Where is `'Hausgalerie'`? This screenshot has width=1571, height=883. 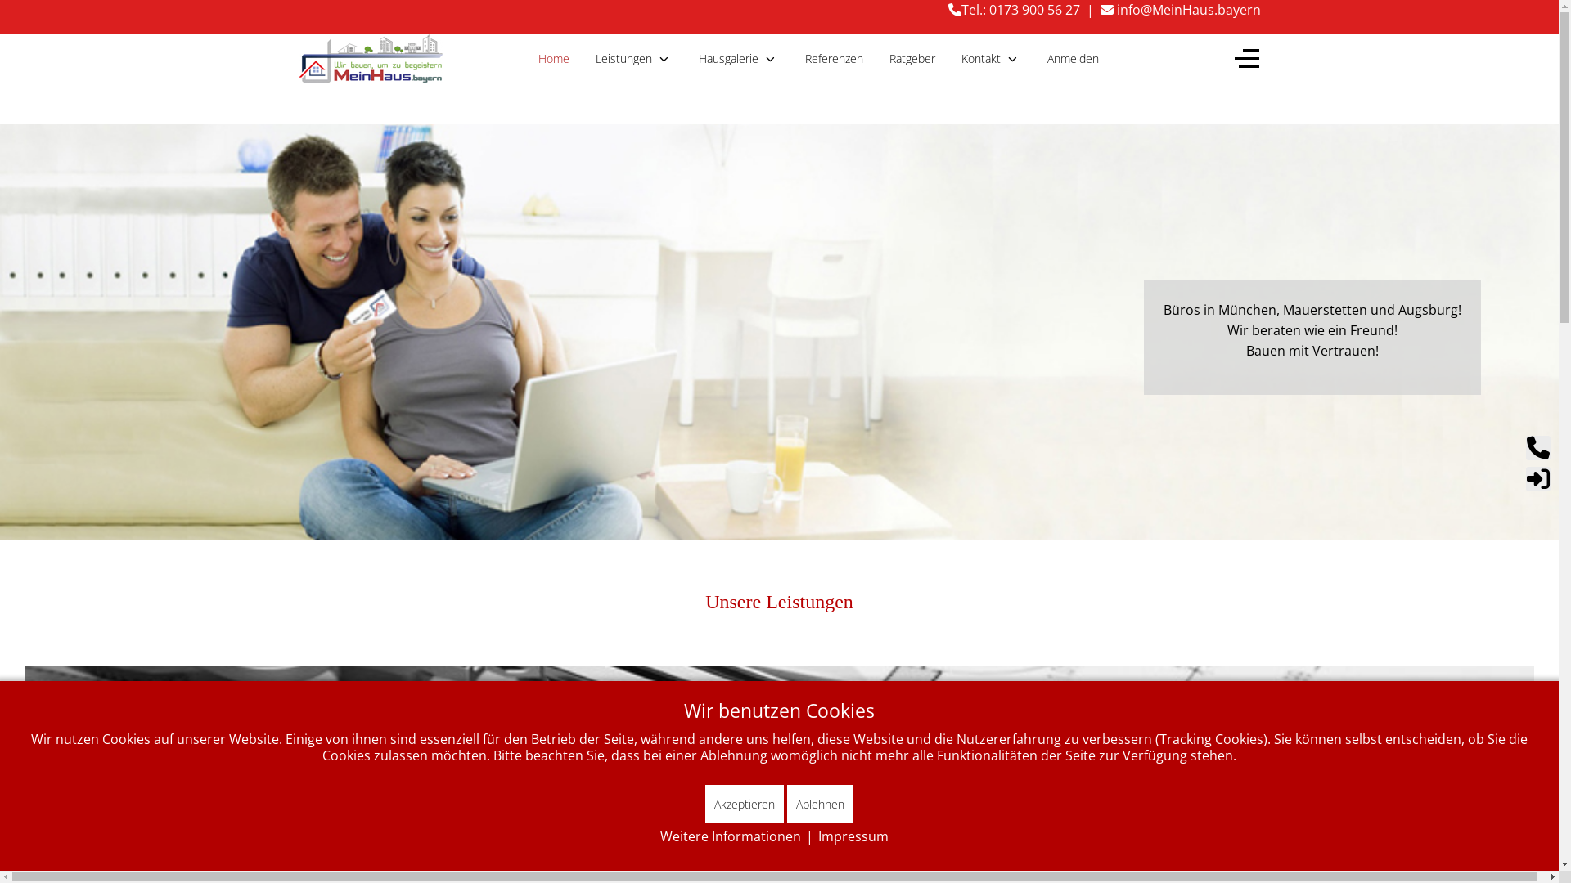 'Hausgalerie' is located at coordinates (737, 57).